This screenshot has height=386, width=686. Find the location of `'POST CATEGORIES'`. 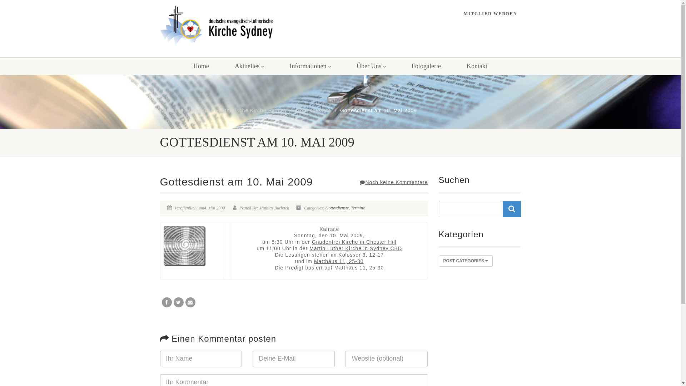

'POST CATEGORIES' is located at coordinates (466, 261).